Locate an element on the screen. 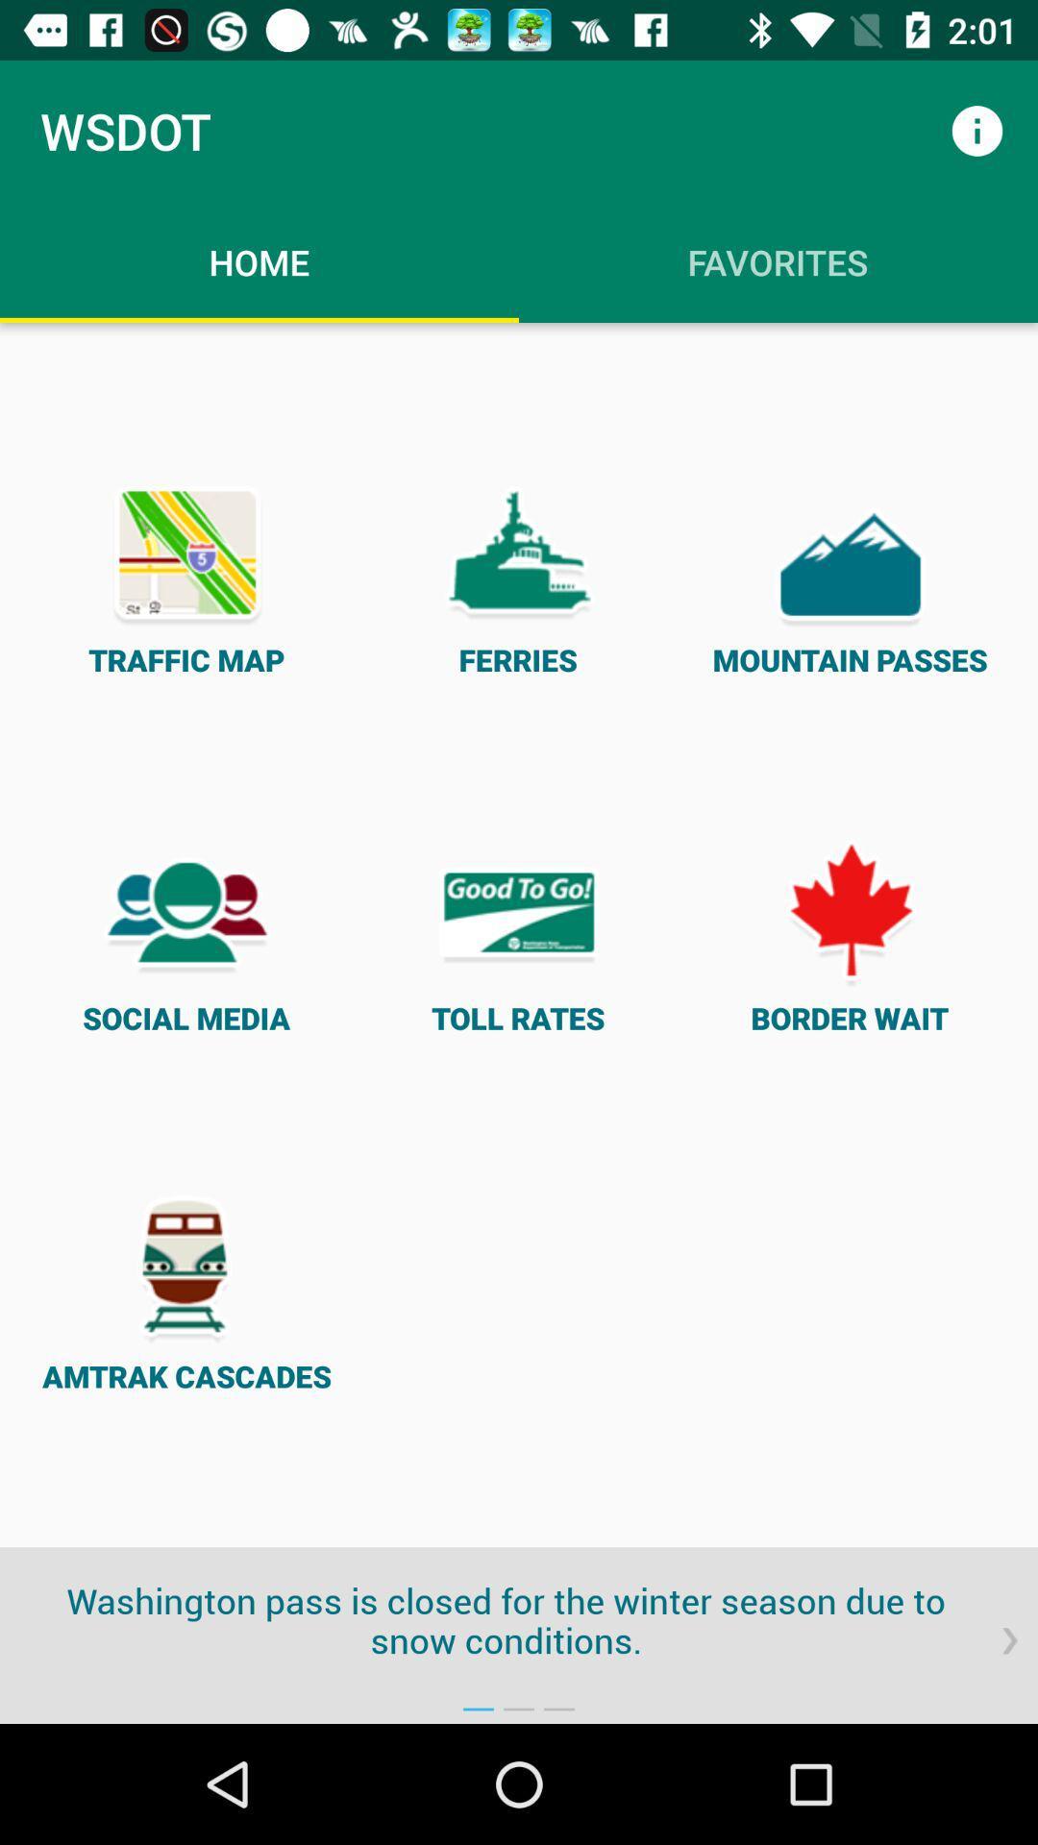 The image size is (1038, 1845). the item to the right of wsdot icon is located at coordinates (977, 130).